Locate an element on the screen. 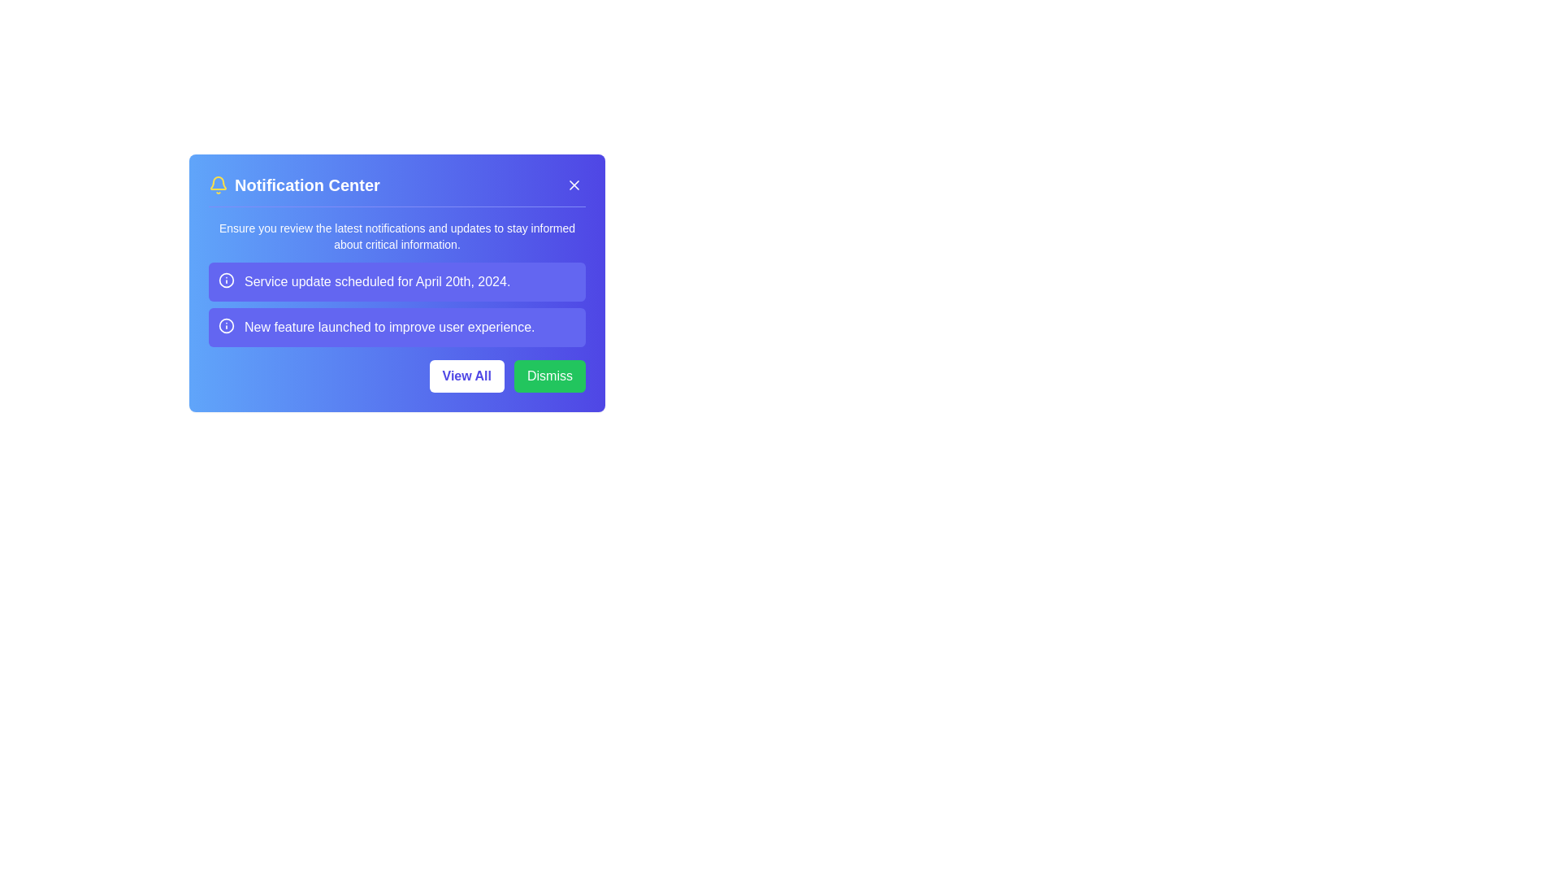  the dismiss button located in the bottom-right section of the notification card to observe any hover effects is located at coordinates (549, 376).